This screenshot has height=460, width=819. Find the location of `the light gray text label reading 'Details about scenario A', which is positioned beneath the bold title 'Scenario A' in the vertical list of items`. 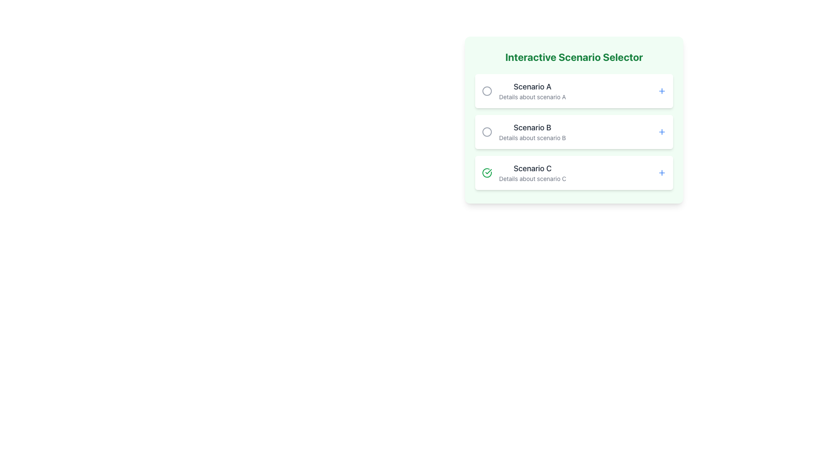

the light gray text label reading 'Details about scenario A', which is positioned beneath the bold title 'Scenario A' in the vertical list of items is located at coordinates (532, 96).